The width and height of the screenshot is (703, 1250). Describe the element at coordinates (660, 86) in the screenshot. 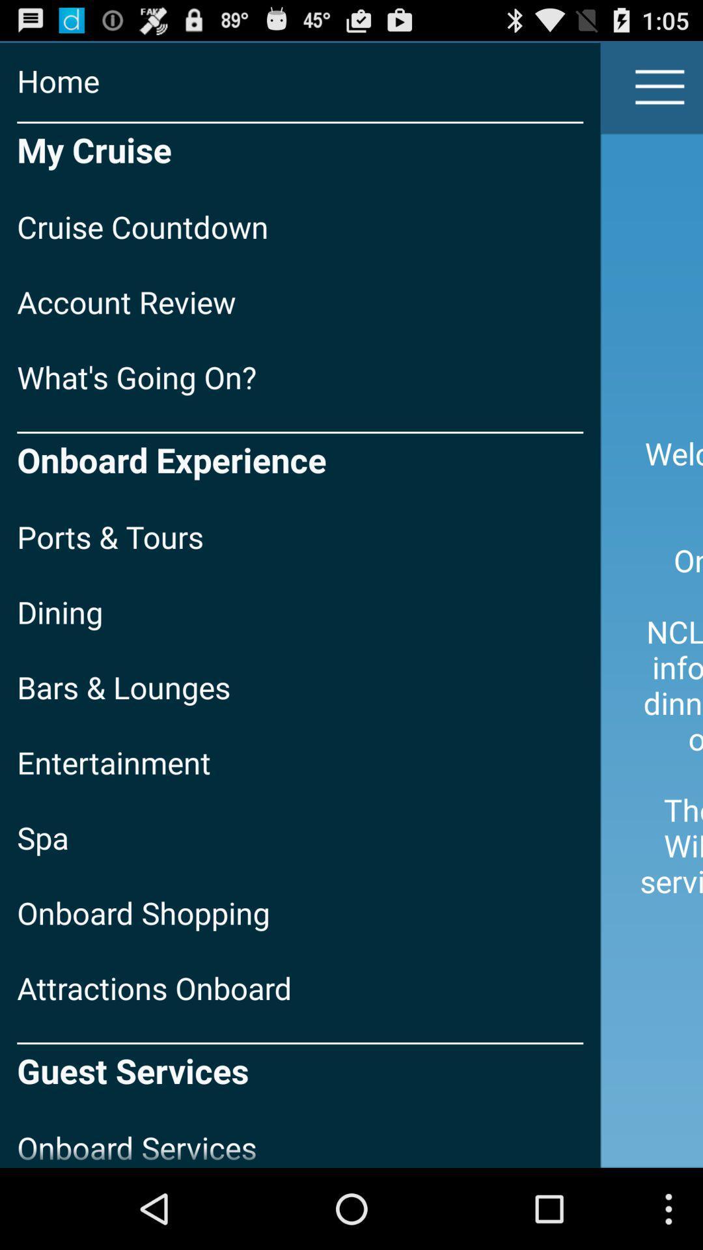

I see `icon to the right of the home item` at that location.